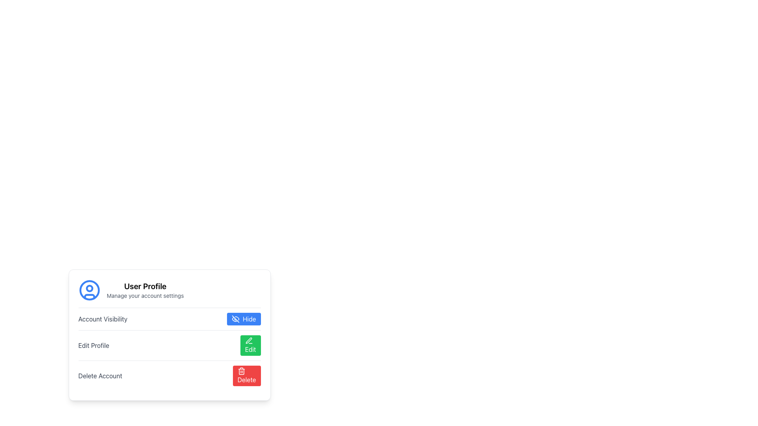  What do you see at coordinates (235, 319) in the screenshot?
I see `the 'Hide' SVG Icon` at bounding box center [235, 319].